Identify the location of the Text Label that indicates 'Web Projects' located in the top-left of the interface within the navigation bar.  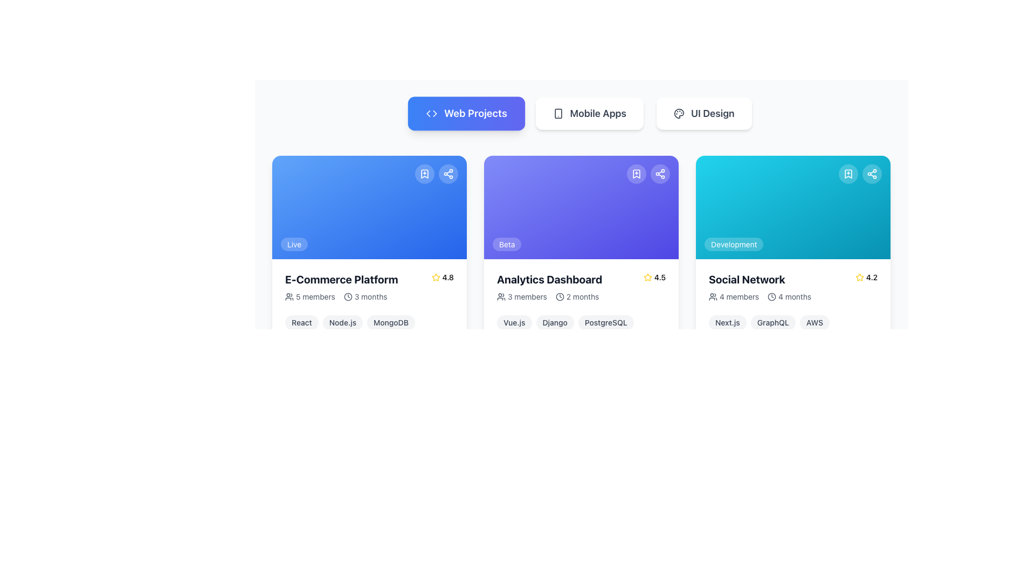
(475, 114).